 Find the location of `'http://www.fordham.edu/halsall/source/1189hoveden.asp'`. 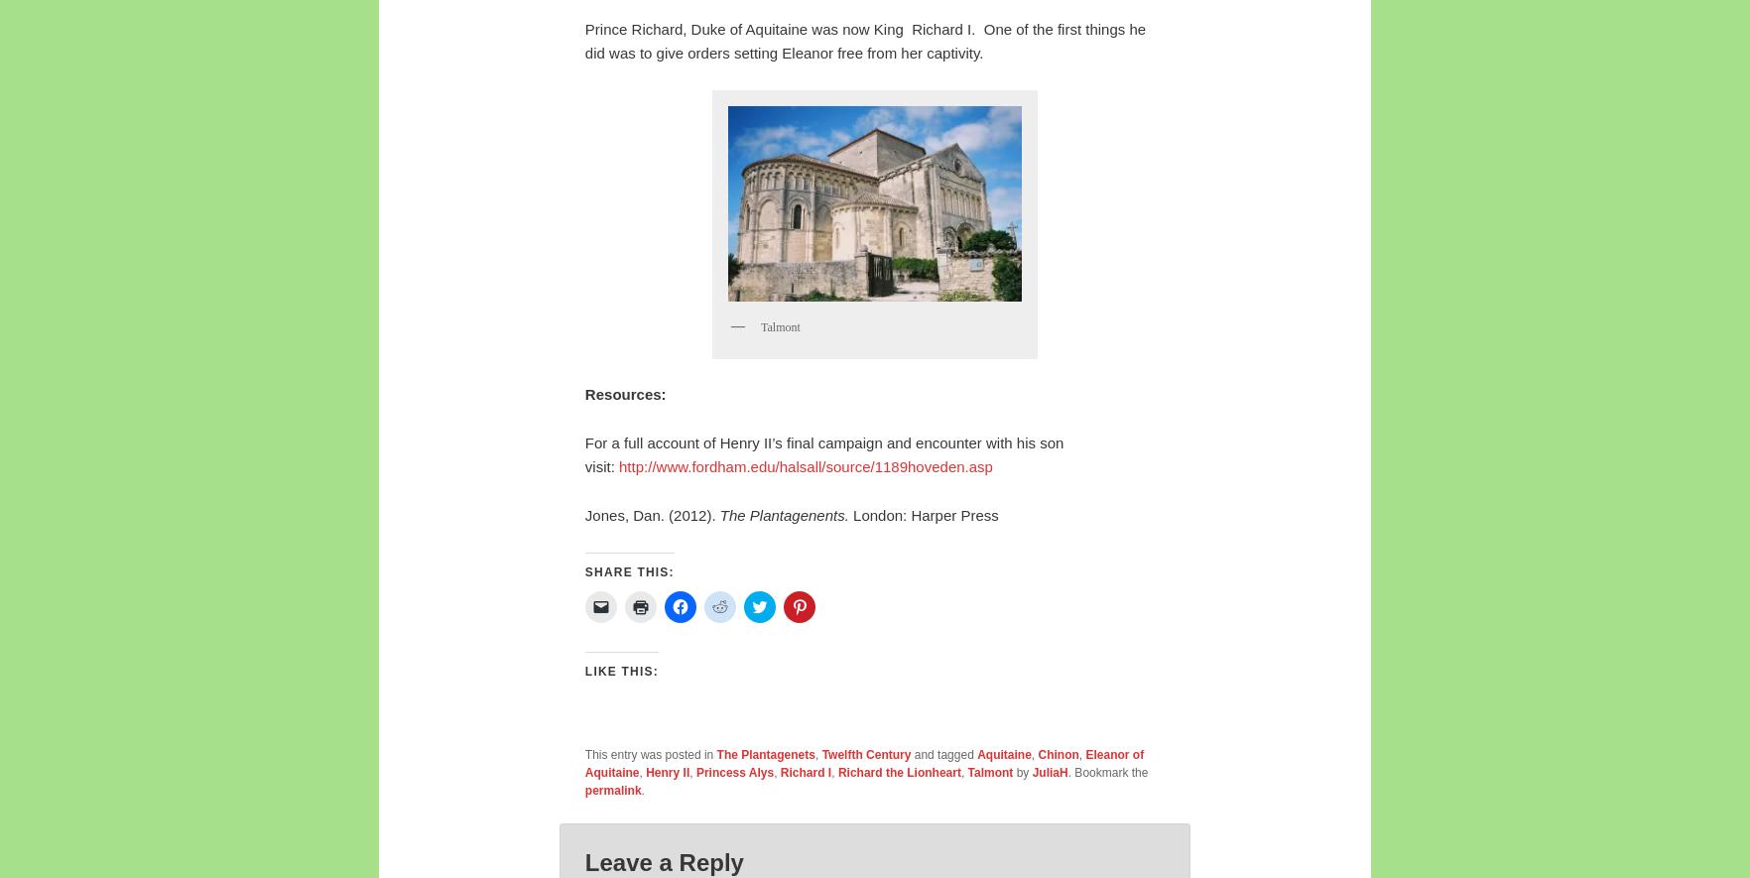

'http://www.fordham.edu/halsall/source/1189hoveden.asp' is located at coordinates (805, 465).